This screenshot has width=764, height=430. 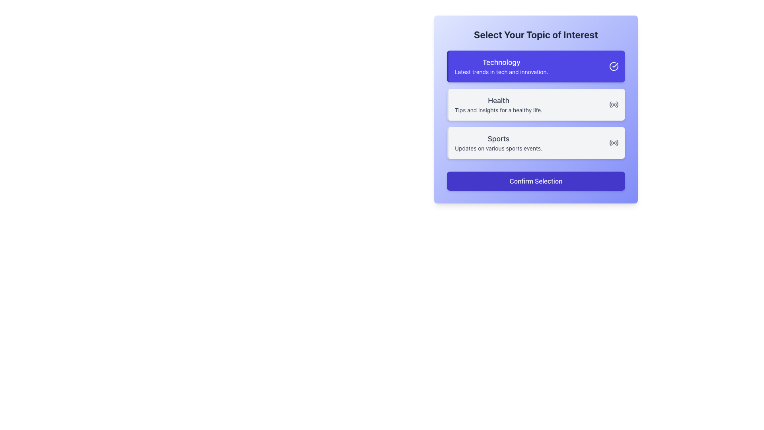 I want to click on the text content of the informational header for the topic 'Technology', which is the first item in the list of topics under 'Select Your Topic of Interest', so click(x=501, y=66).